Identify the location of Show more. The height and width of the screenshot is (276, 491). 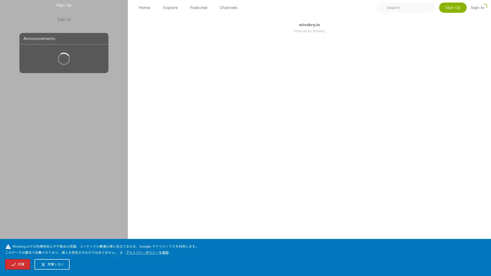
(318, 203).